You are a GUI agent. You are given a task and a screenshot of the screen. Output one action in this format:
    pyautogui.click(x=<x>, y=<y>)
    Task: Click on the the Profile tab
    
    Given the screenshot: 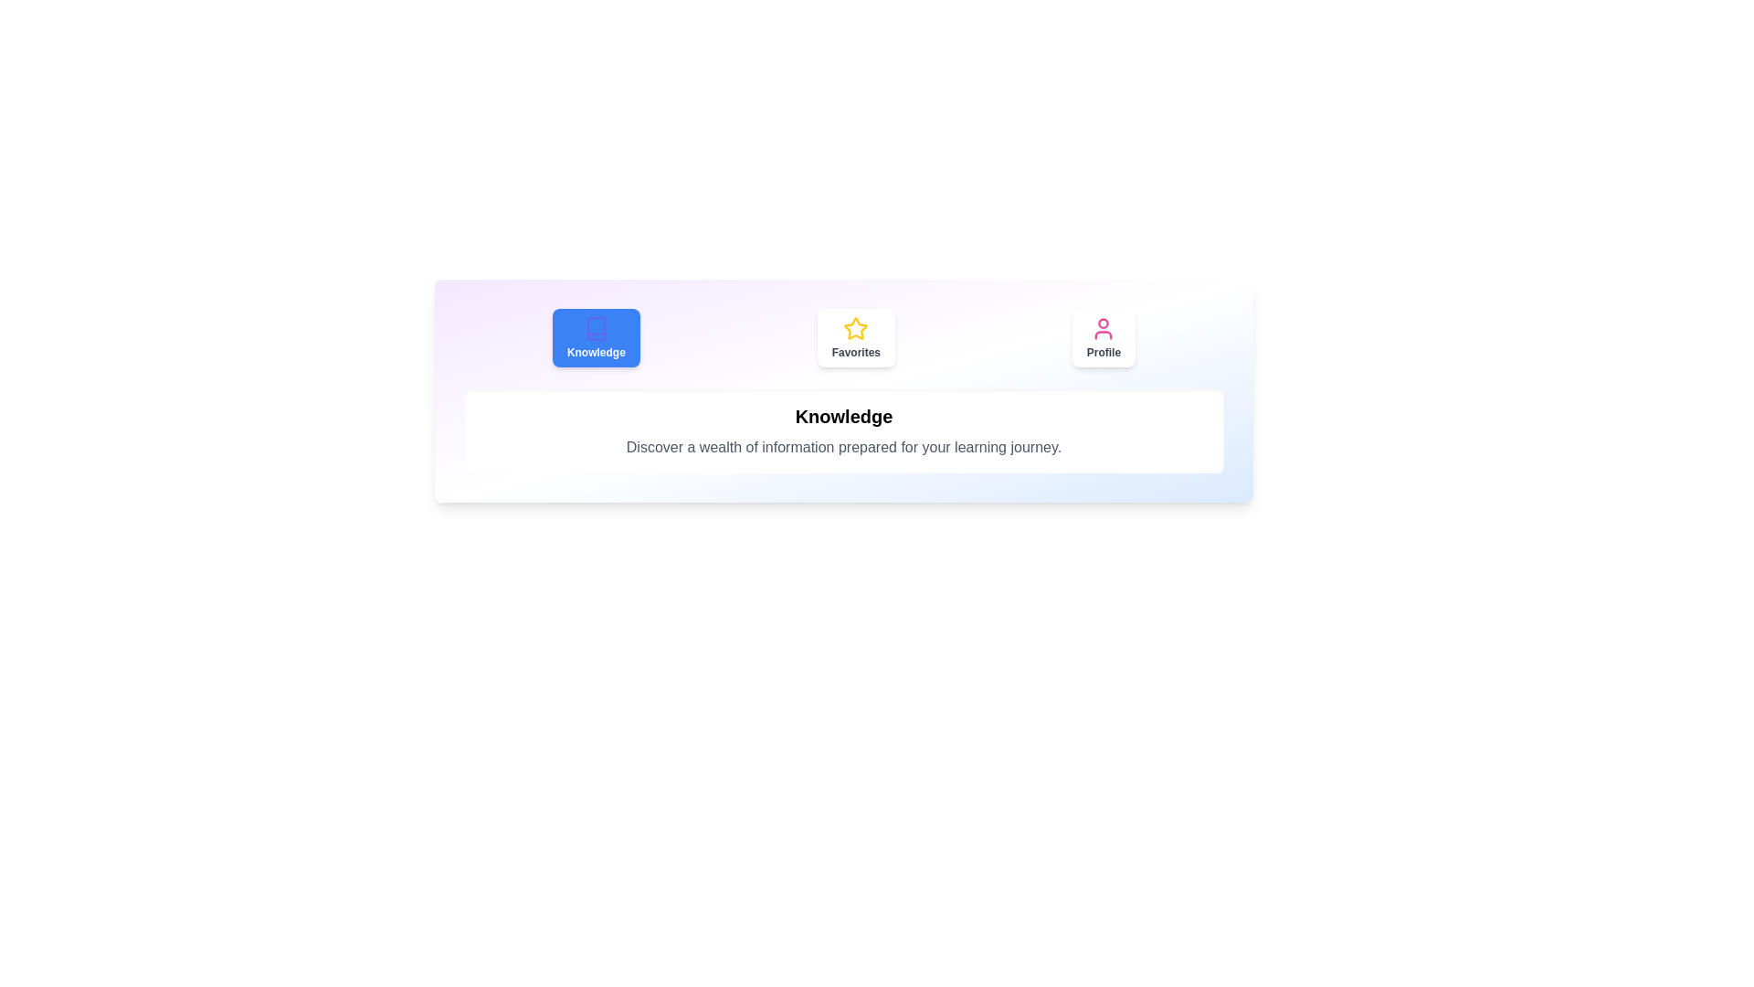 What is the action you would take?
    pyautogui.click(x=1103, y=338)
    